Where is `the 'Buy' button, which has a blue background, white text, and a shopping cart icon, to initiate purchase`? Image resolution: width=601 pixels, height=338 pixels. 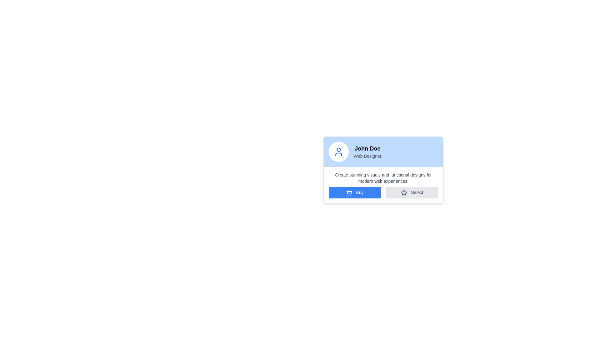 the 'Buy' button, which has a blue background, white text, and a shopping cart icon, to initiate purchase is located at coordinates (355, 192).